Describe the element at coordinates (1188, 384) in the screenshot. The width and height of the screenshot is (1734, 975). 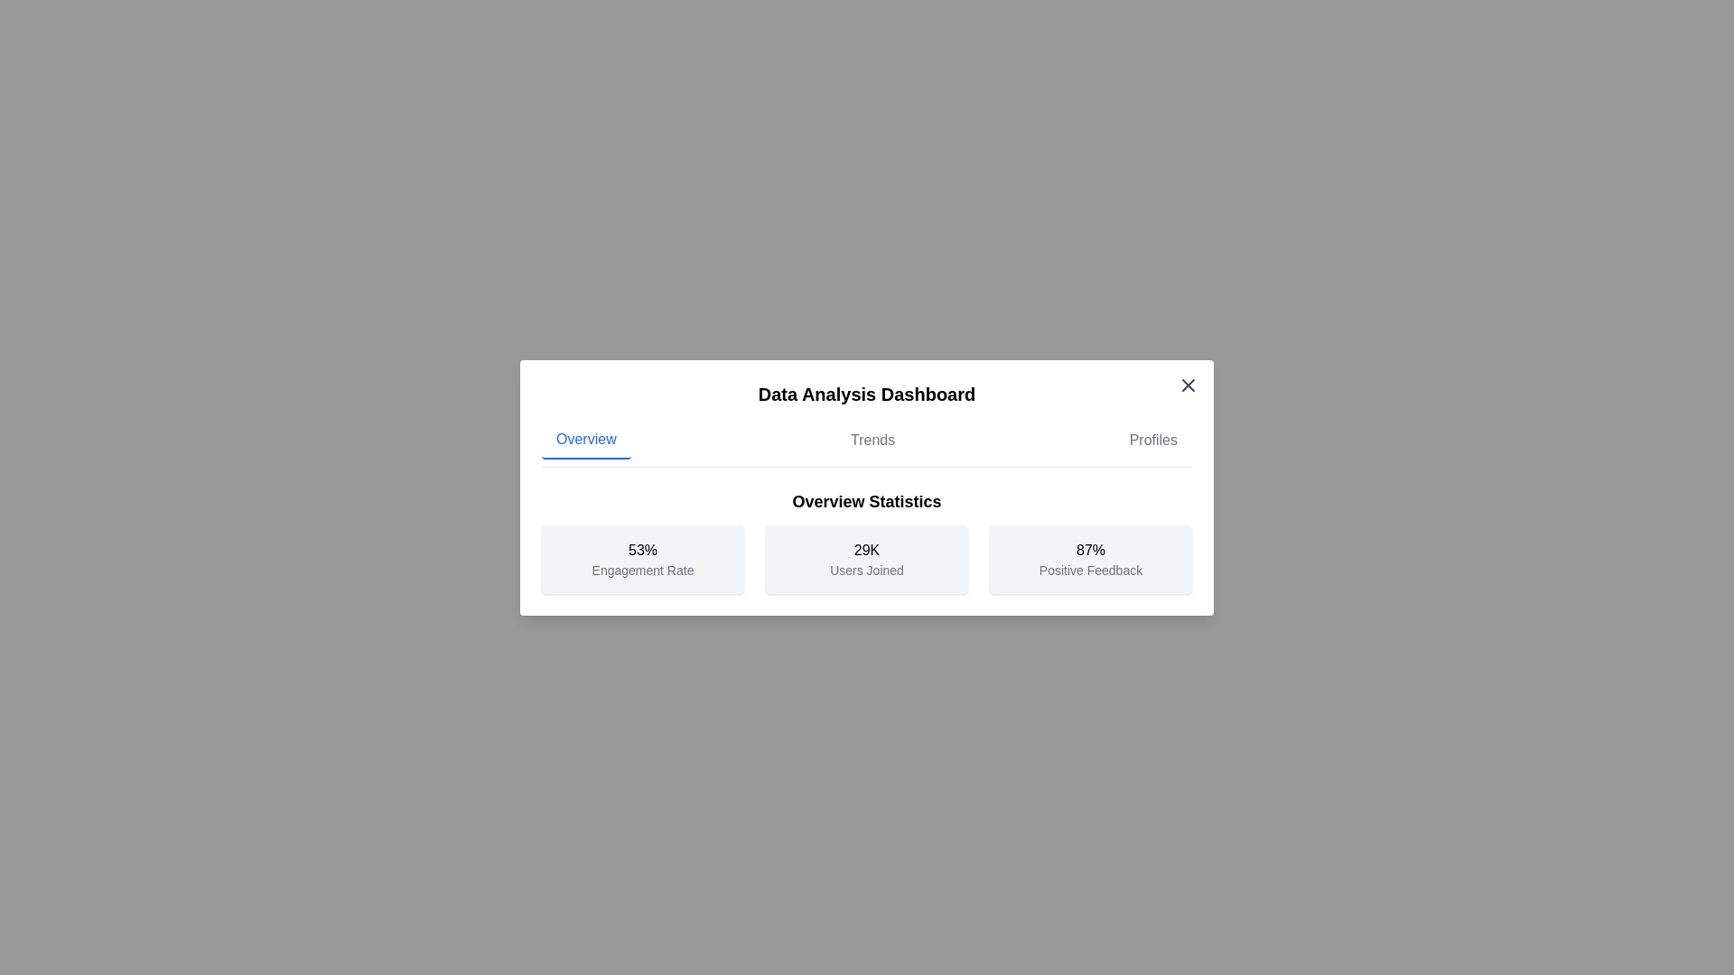
I see `the Close button located in the top-right corner of the 'Data Analysis Dashboard'` at that location.